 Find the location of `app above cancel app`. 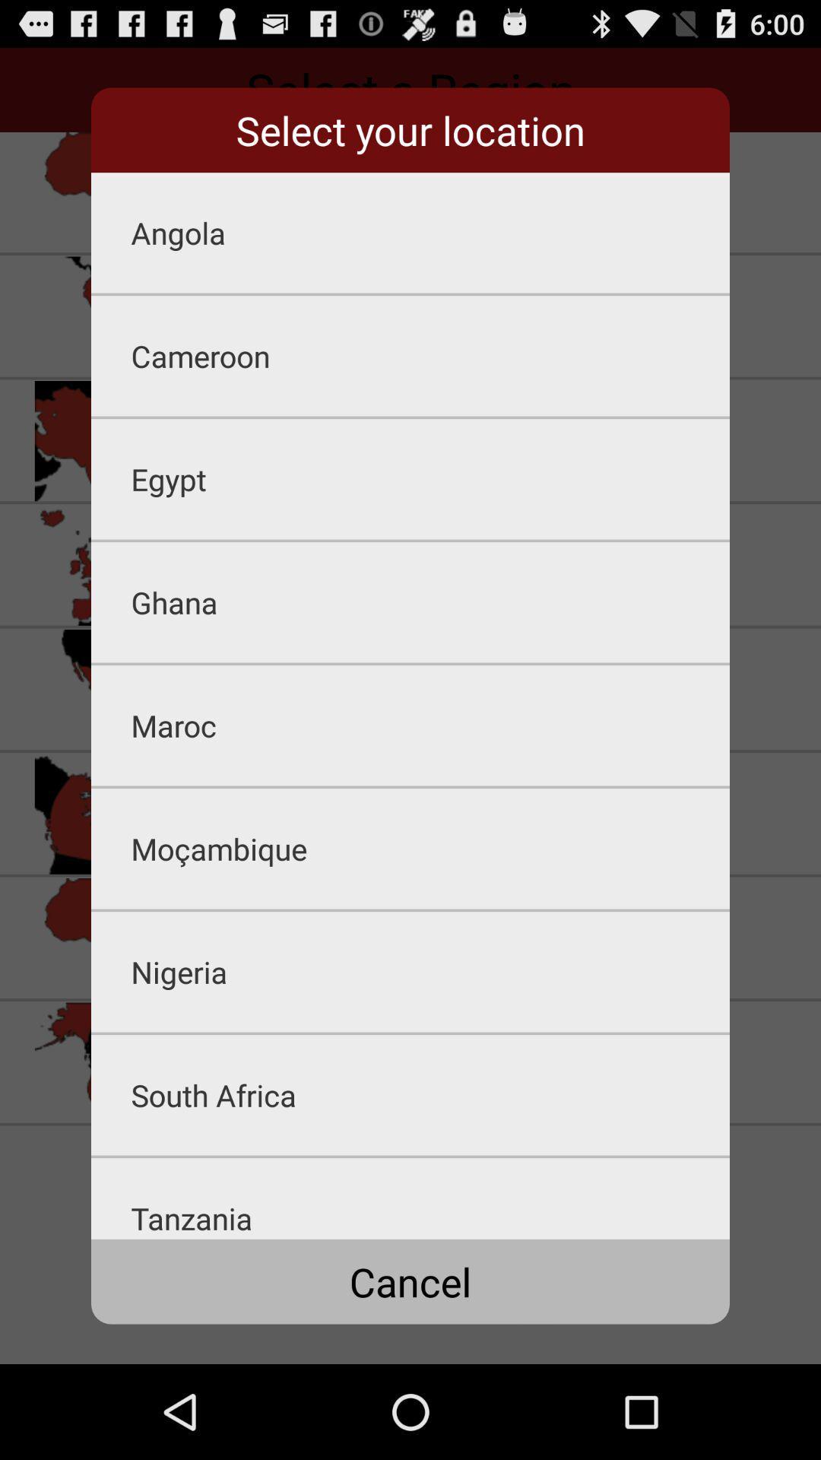

app above cancel app is located at coordinates (430, 1198).